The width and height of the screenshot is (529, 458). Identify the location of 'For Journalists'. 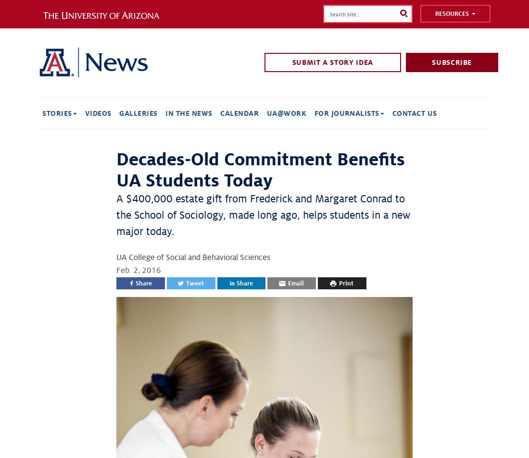
(347, 112).